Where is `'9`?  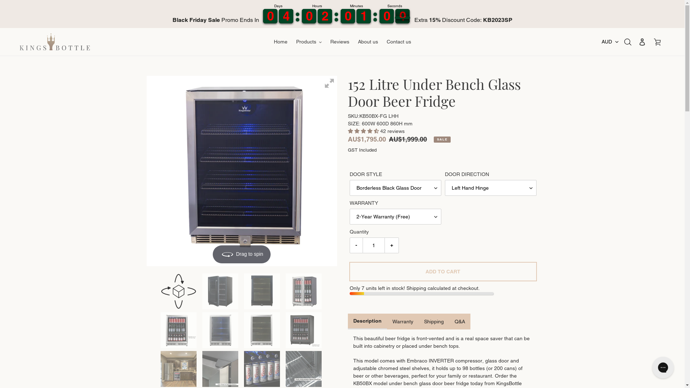 '9 is located at coordinates (340, 16).